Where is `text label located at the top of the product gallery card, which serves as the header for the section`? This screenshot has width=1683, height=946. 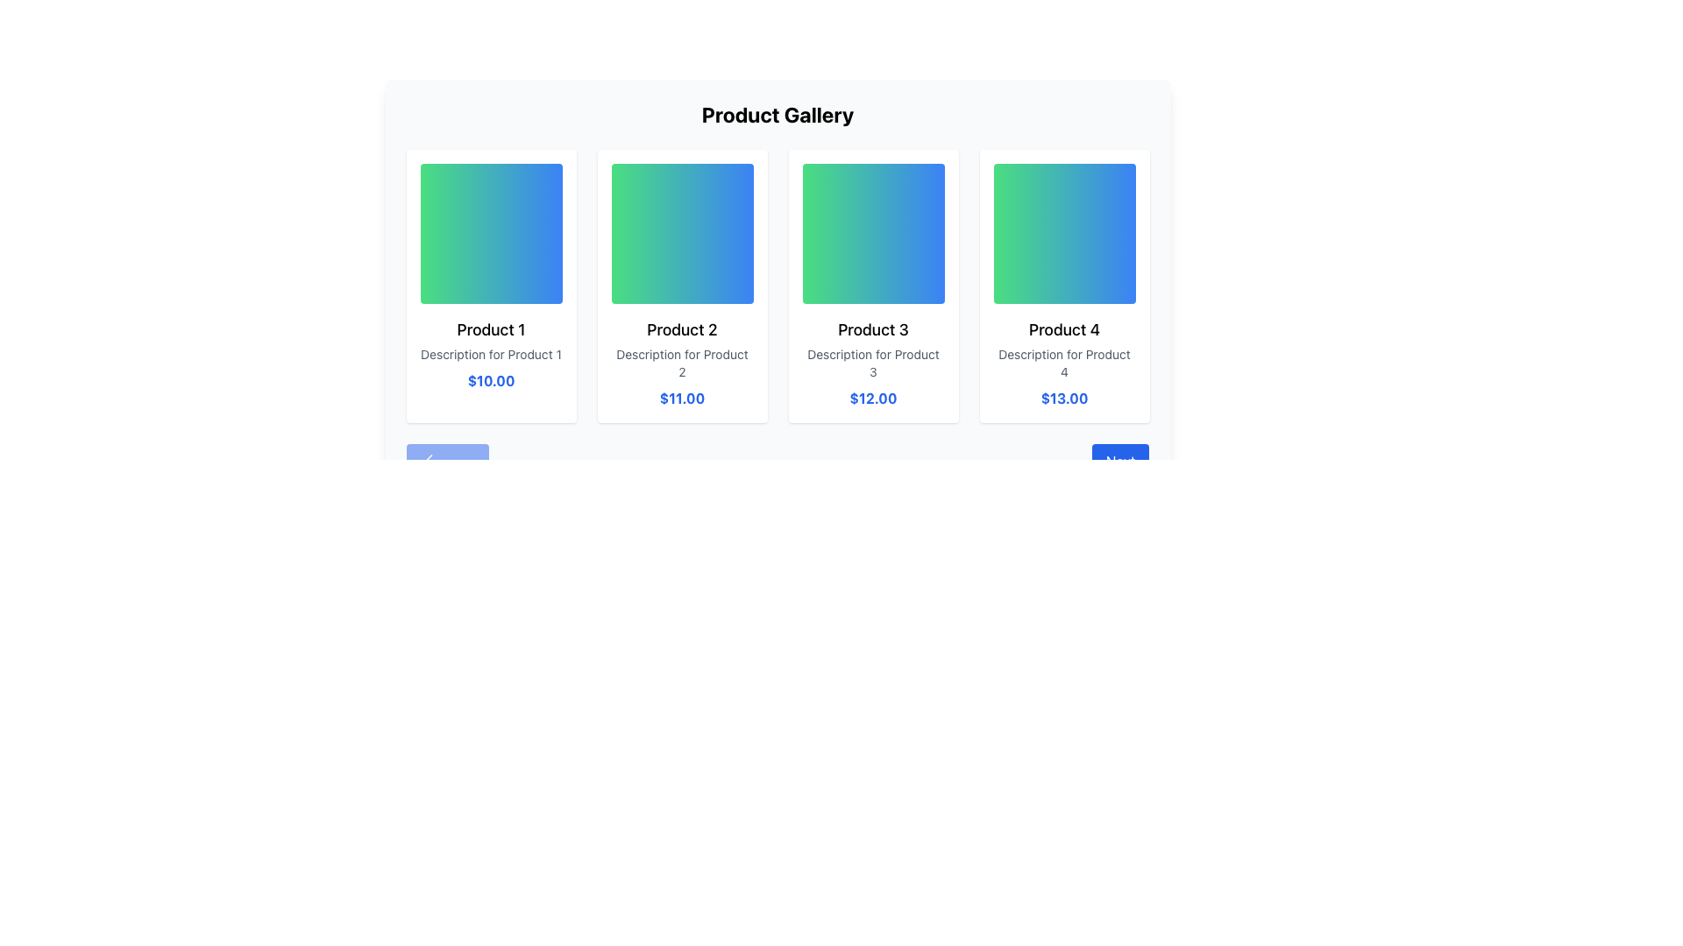
text label located at the top of the product gallery card, which serves as the header for the section is located at coordinates (777, 115).